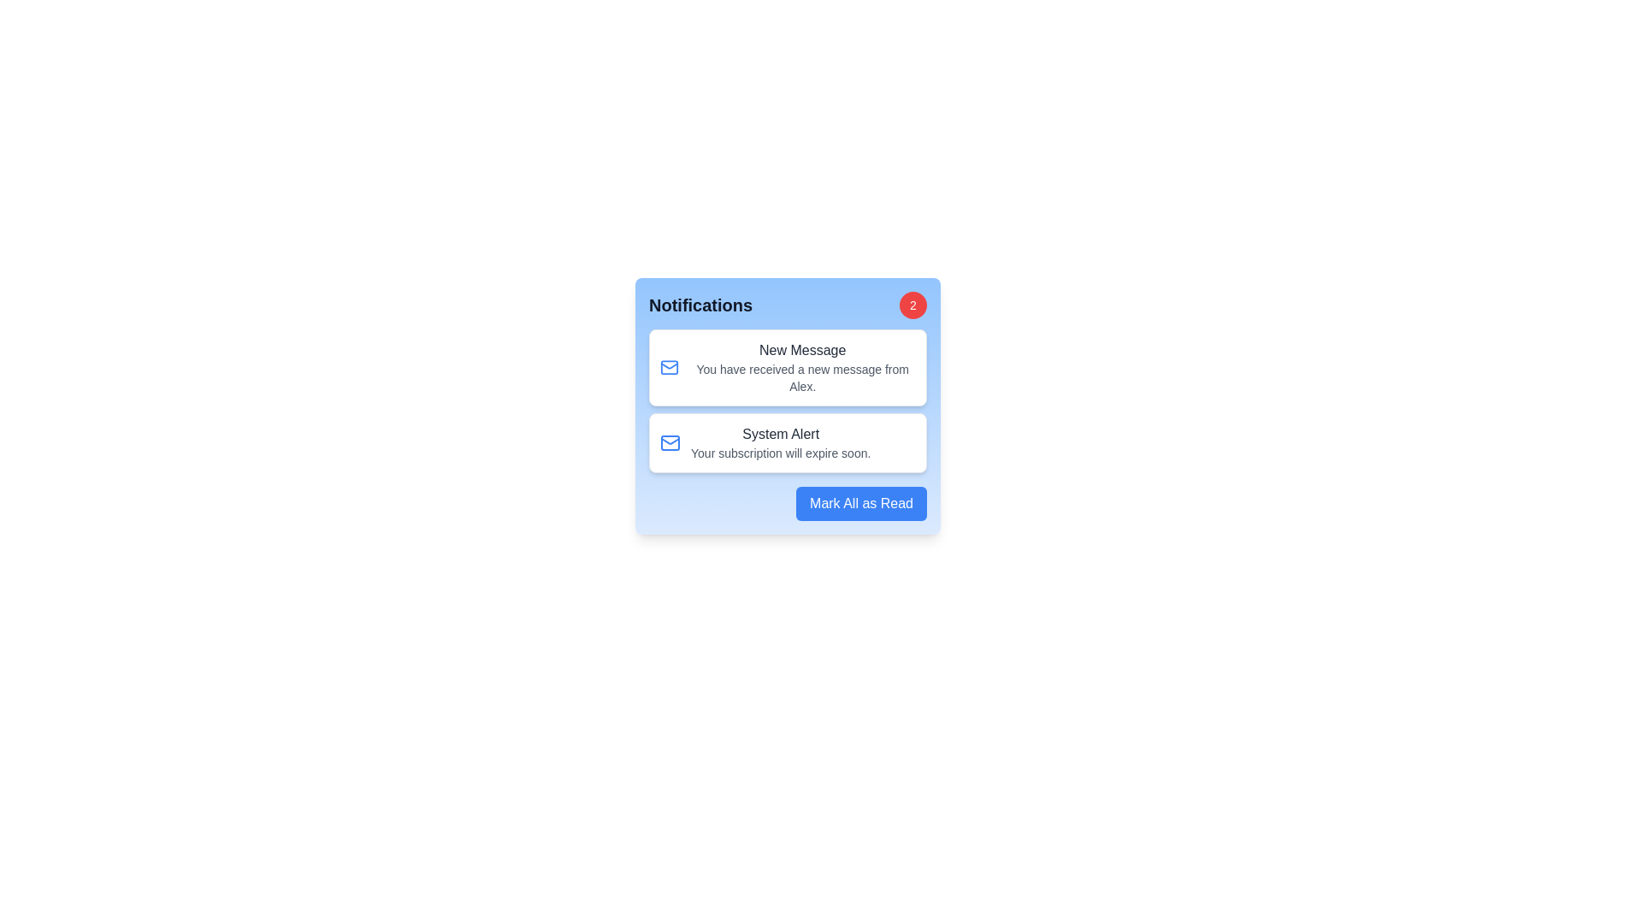  I want to click on the 'Notifications' text label element, which is bold and located at the top-left portion of a card-like interface with a light blue background, so click(700, 305).